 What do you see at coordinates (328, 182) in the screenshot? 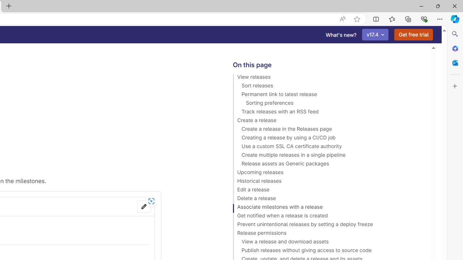
I see `'Historical releases'` at bounding box center [328, 182].